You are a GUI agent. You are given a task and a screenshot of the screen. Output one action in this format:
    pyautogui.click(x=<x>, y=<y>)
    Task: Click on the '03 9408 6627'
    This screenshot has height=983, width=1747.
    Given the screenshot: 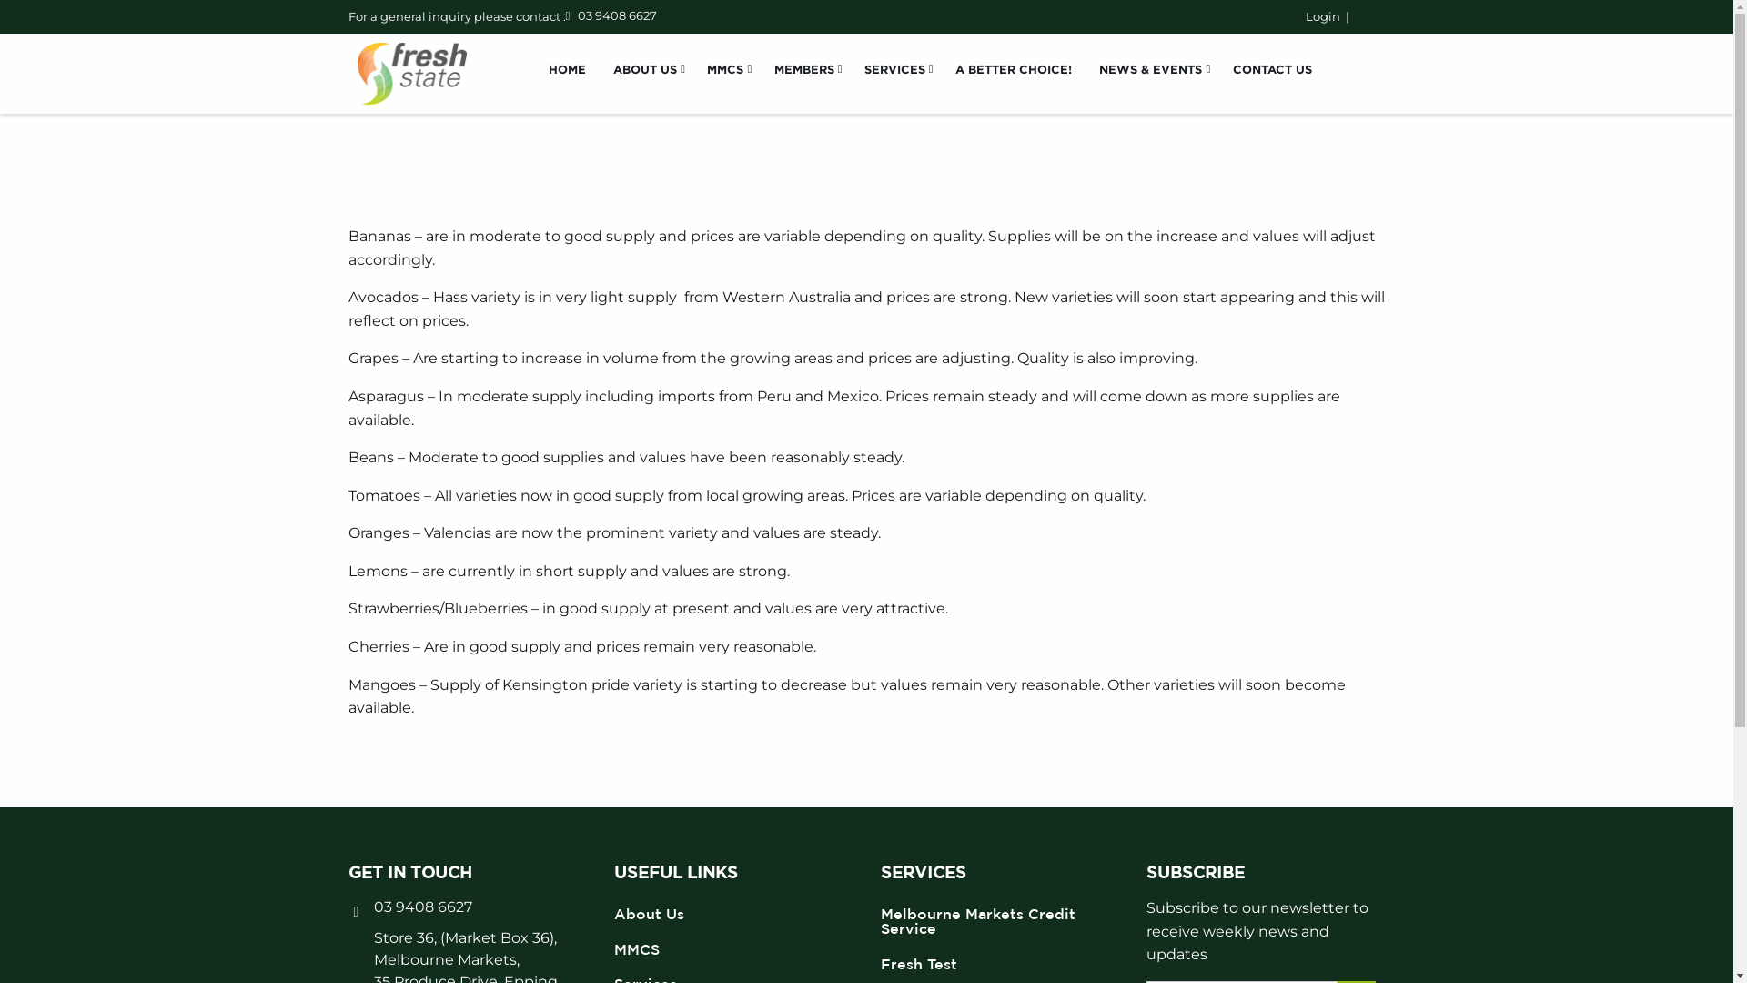 What is the action you would take?
    pyautogui.click(x=421, y=907)
    